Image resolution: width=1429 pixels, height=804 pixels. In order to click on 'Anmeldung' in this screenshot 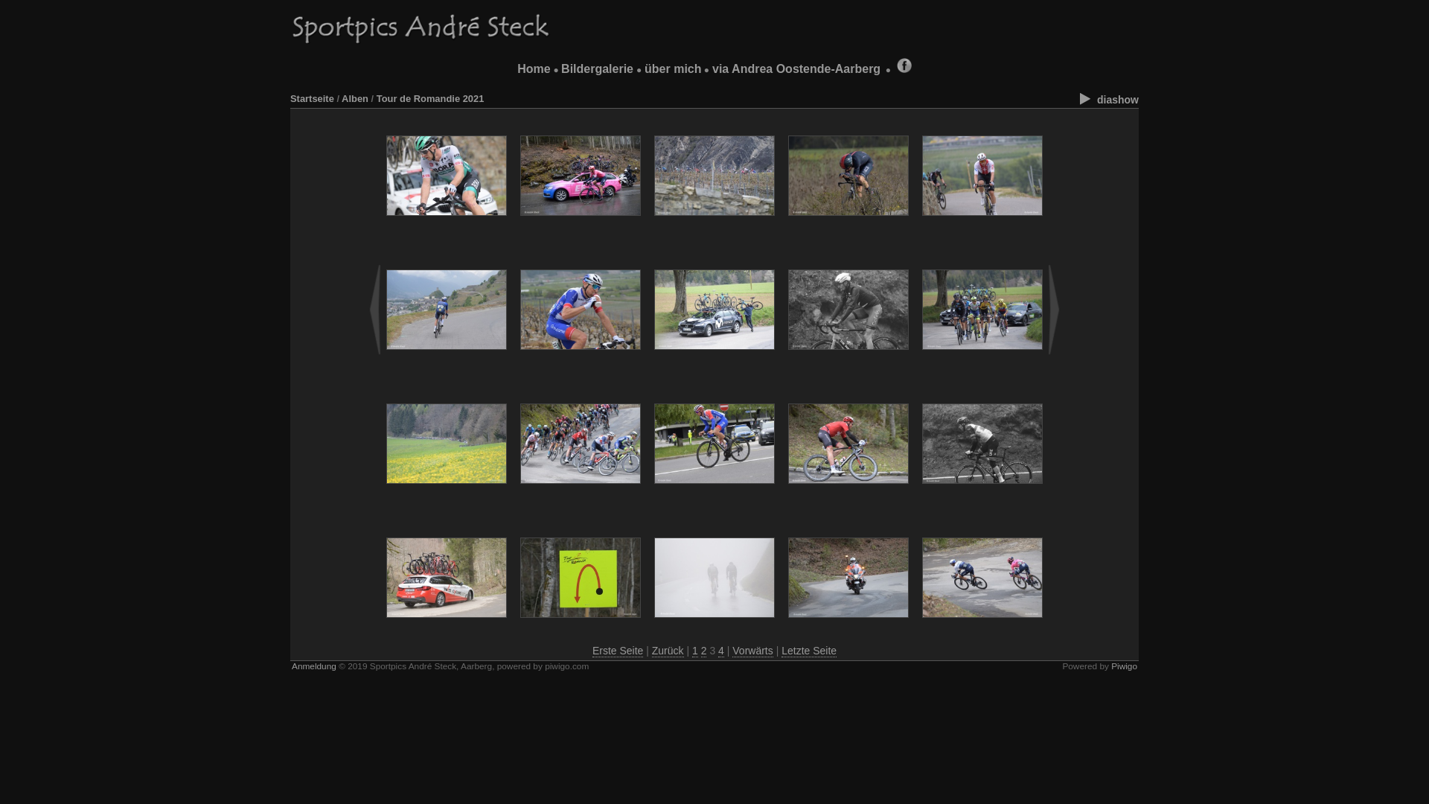, I will do `click(313, 665)`.